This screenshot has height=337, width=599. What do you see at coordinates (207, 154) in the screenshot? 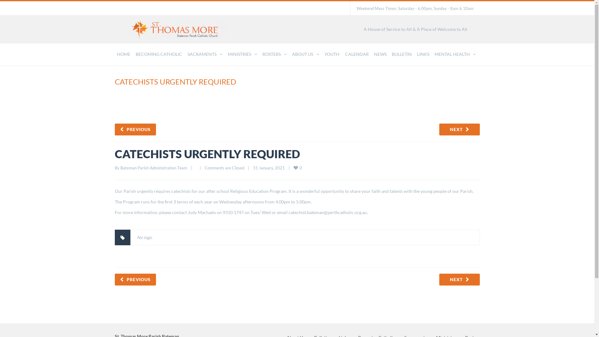
I see `'CATECHISTS URGENTLY REQUIRED'` at bounding box center [207, 154].